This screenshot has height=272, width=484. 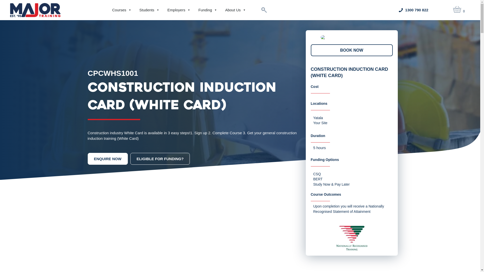 I want to click on 'Yatala', so click(x=318, y=118).